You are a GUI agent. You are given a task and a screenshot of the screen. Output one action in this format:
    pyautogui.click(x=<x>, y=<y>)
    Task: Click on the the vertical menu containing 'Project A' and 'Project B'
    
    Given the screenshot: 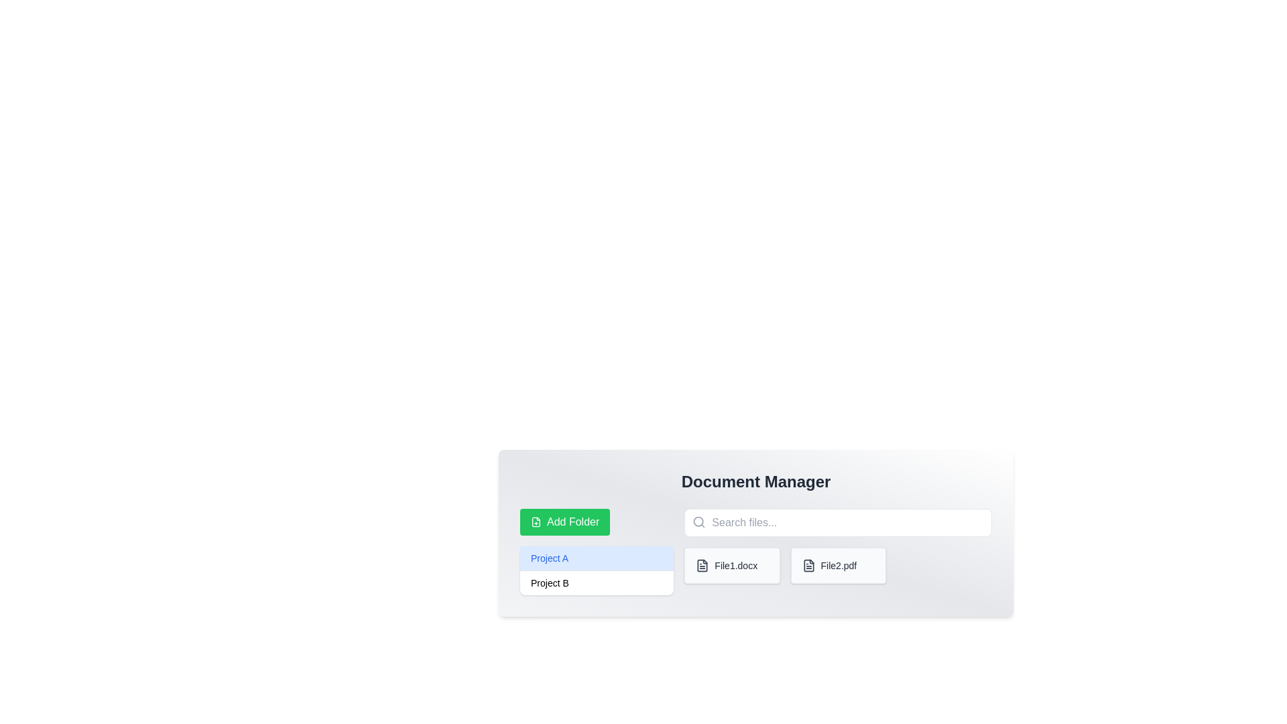 What is the action you would take?
    pyautogui.click(x=596, y=570)
    